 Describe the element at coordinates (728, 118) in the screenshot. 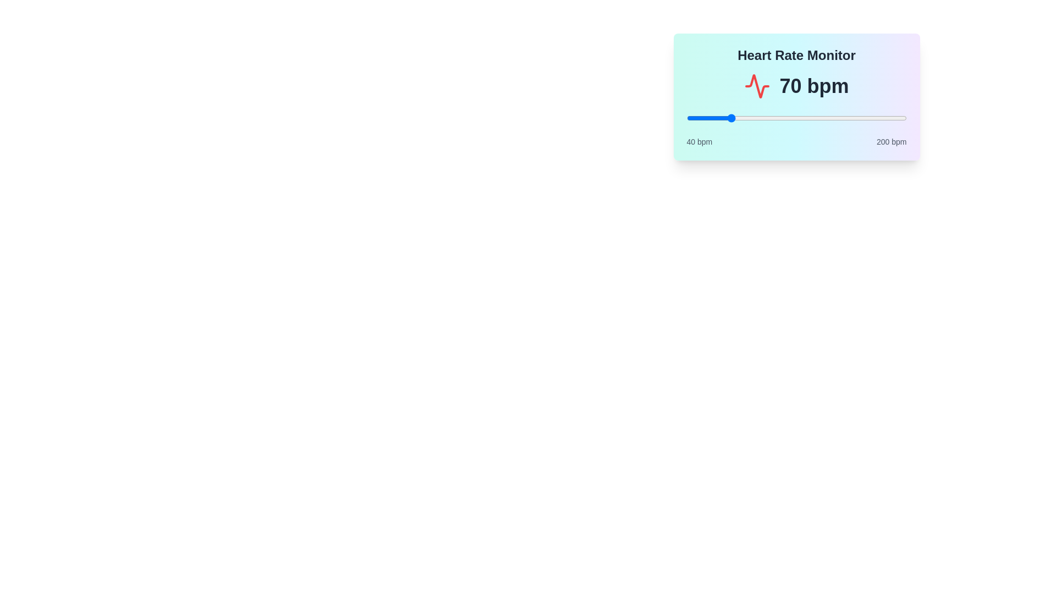

I see `the slider to set the heart rate to 70 bpm` at that location.